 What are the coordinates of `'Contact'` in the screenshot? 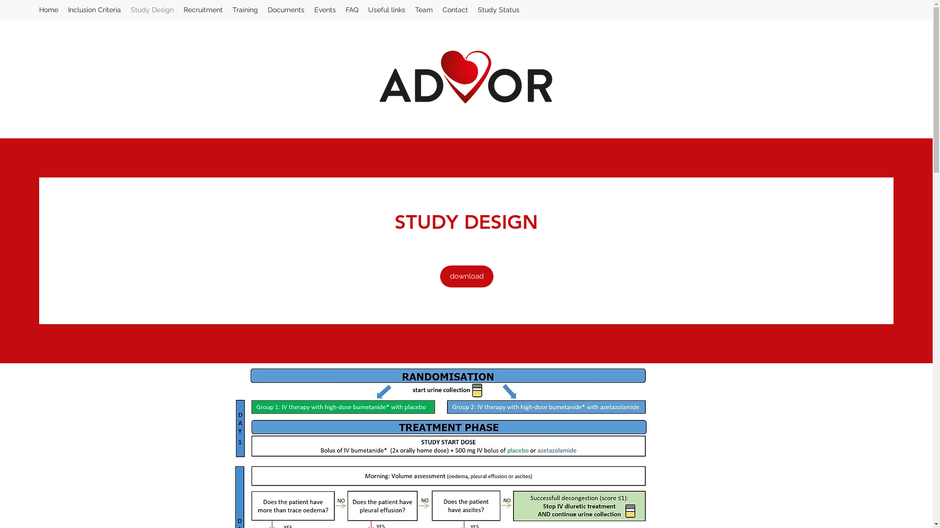 It's located at (455, 9).